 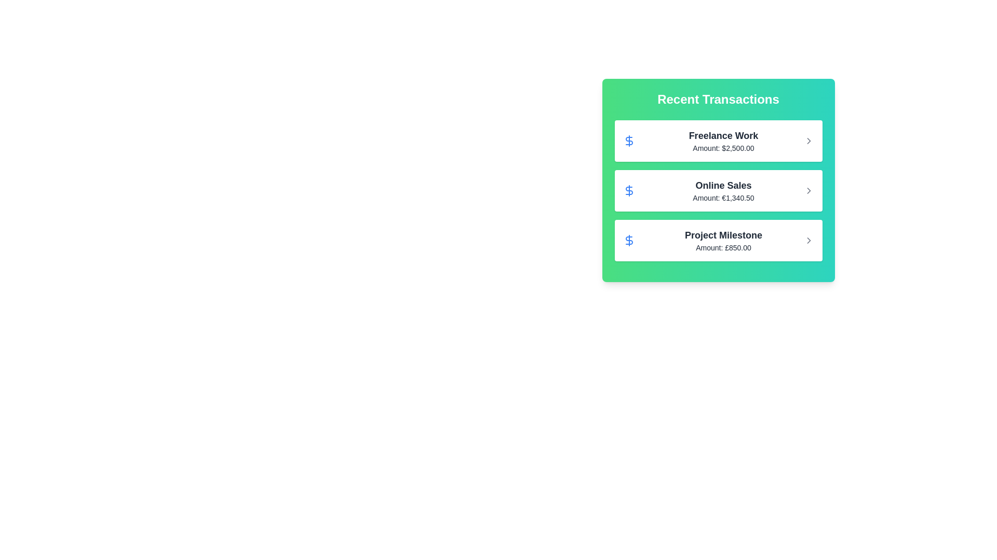 What do you see at coordinates (723, 135) in the screenshot?
I see `the static text label displaying 'Freelance Work' located at the top of the list under 'Recent Transactions'` at bounding box center [723, 135].